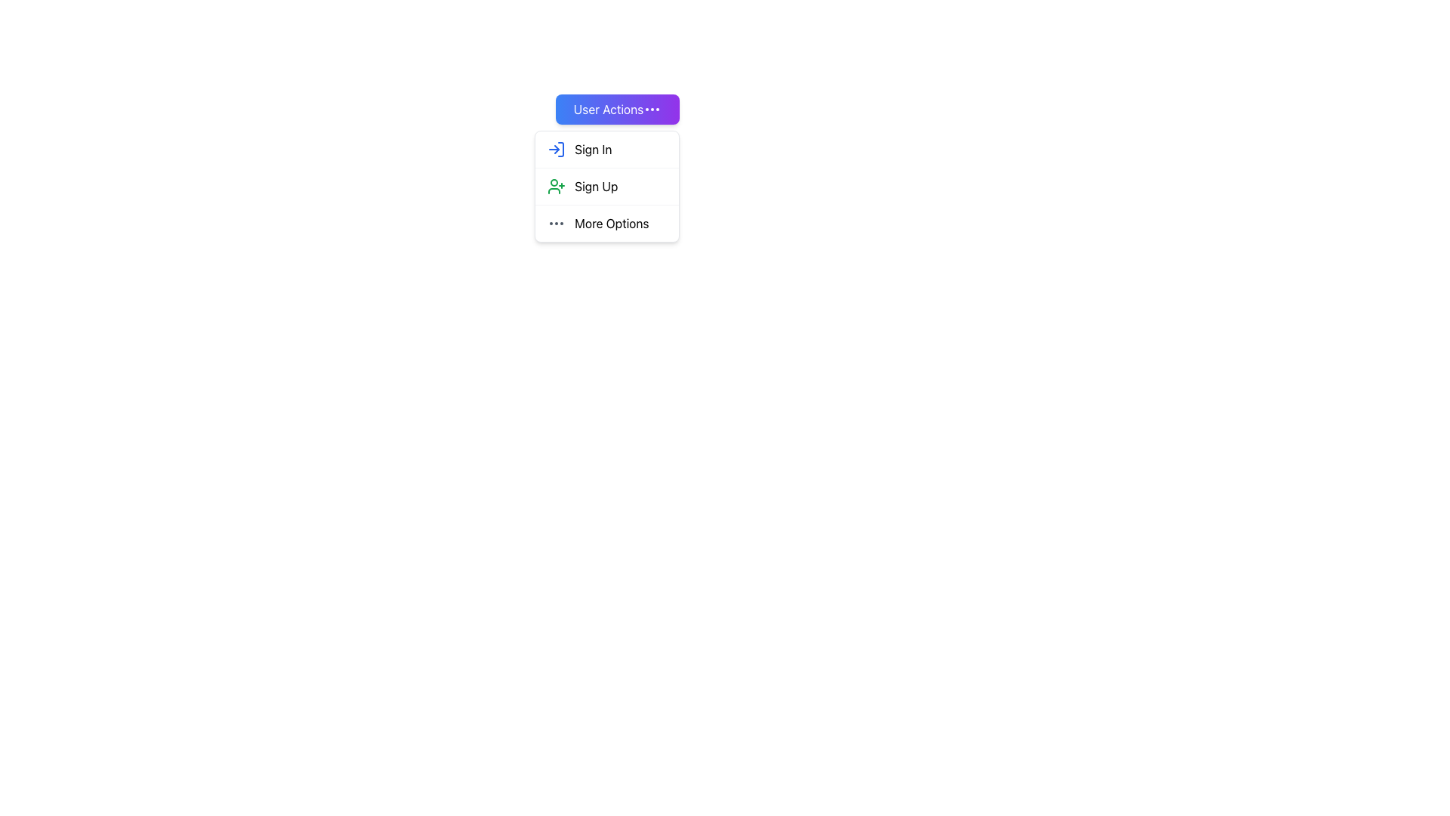  What do you see at coordinates (556, 224) in the screenshot?
I see `the ellipsis icon located in the 'More Options' section of the dropdown menu under the 'User Actions' button, which visually indicates additional options or settings` at bounding box center [556, 224].